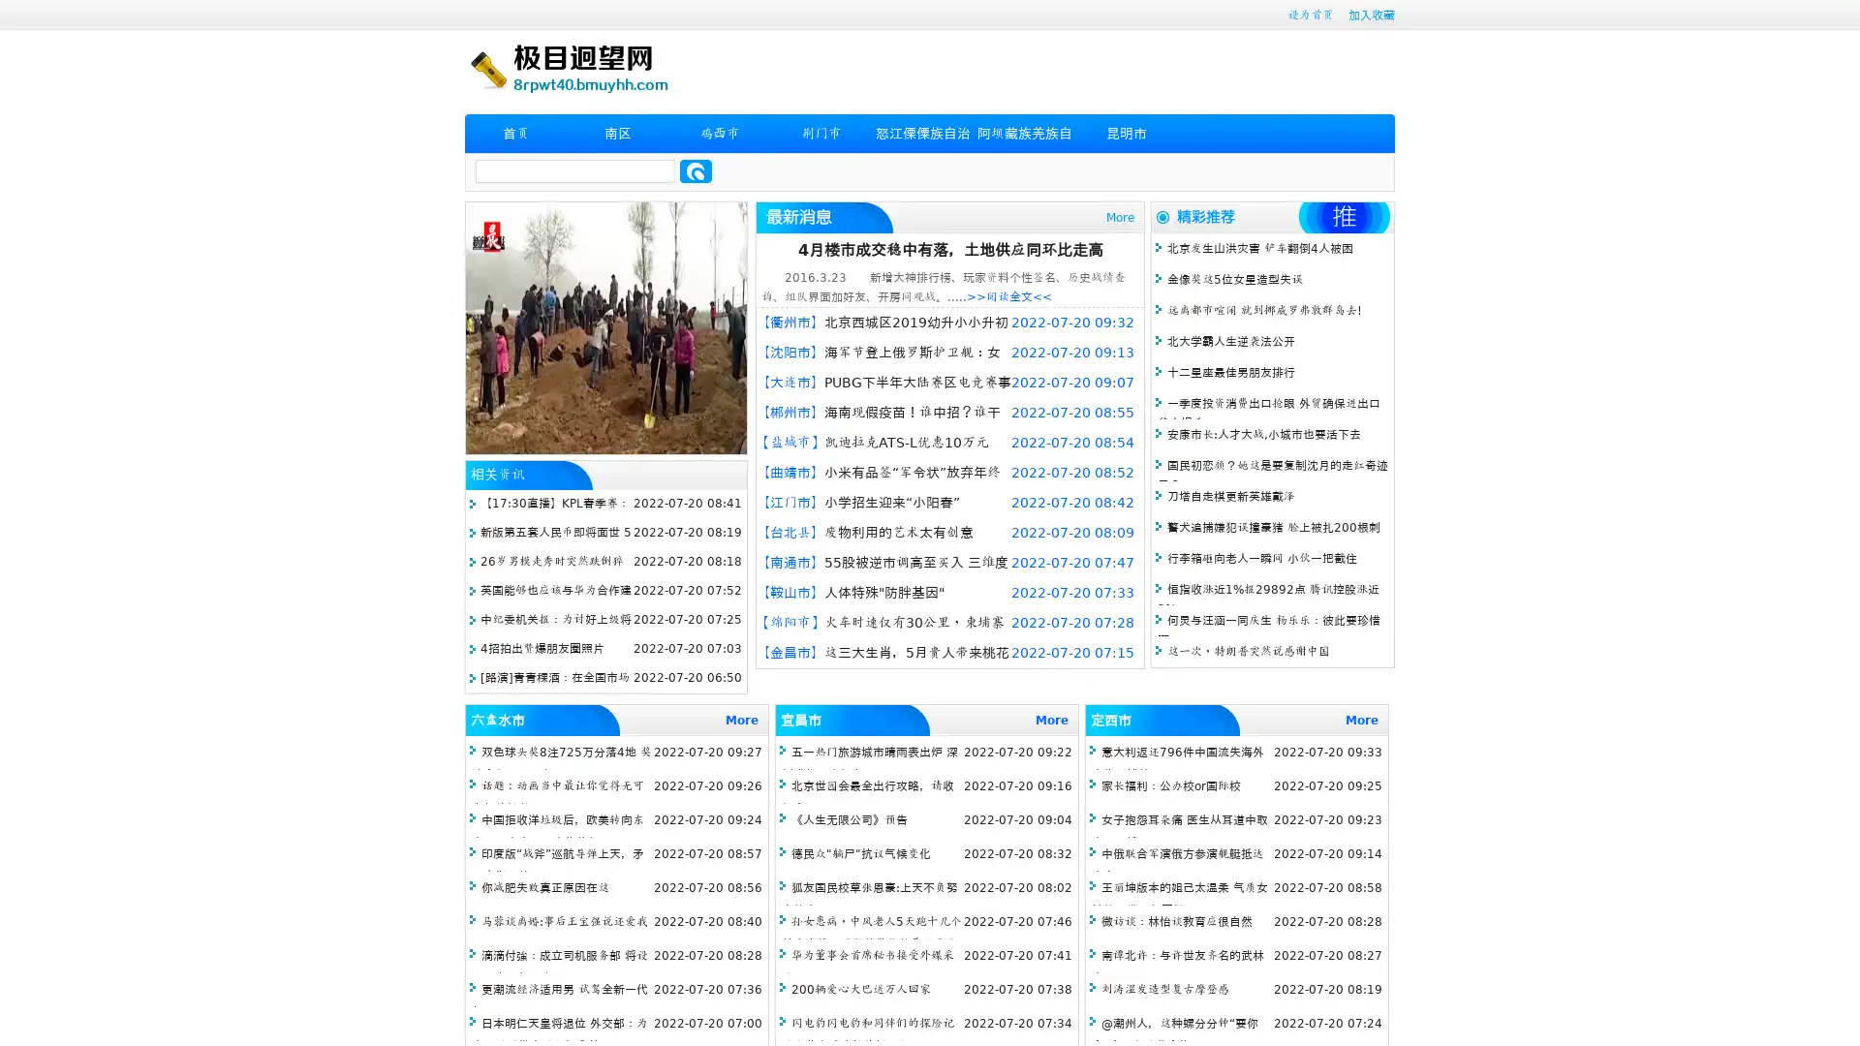 The height and width of the screenshot is (1046, 1860). Describe the element at coordinates (696, 170) in the screenshot. I see `Search` at that location.